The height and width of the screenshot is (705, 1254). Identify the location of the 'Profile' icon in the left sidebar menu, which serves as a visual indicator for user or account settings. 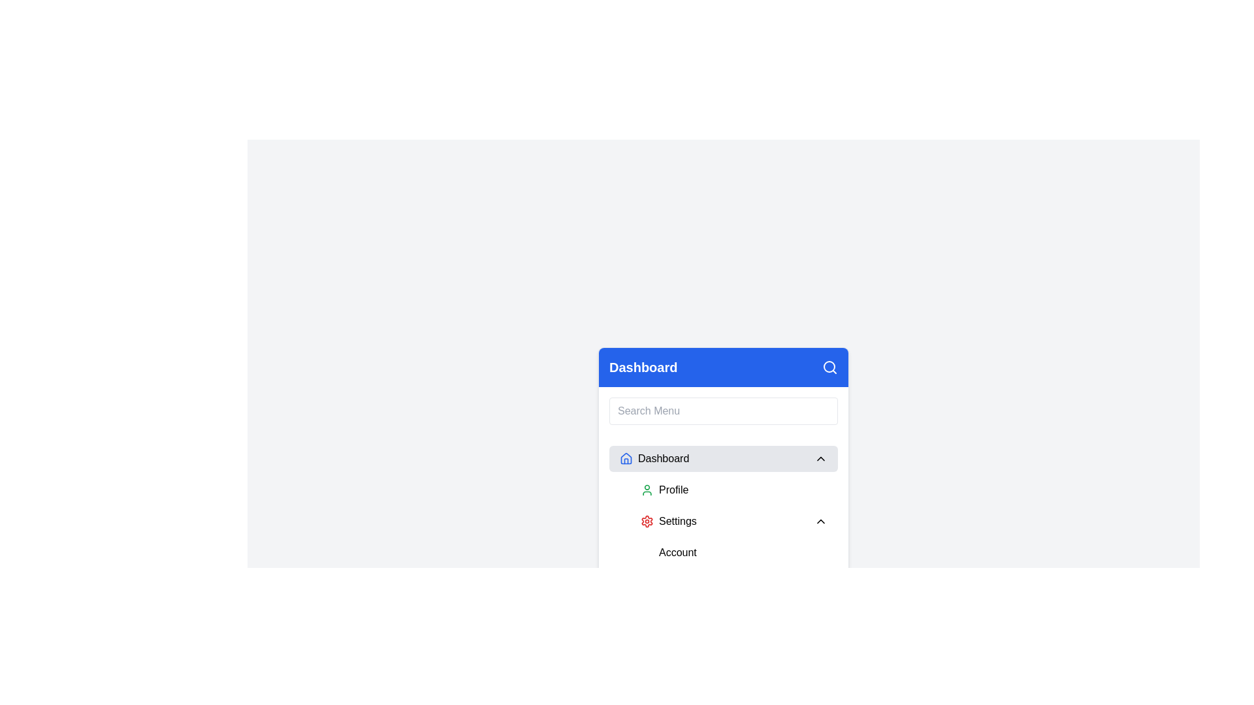
(647, 490).